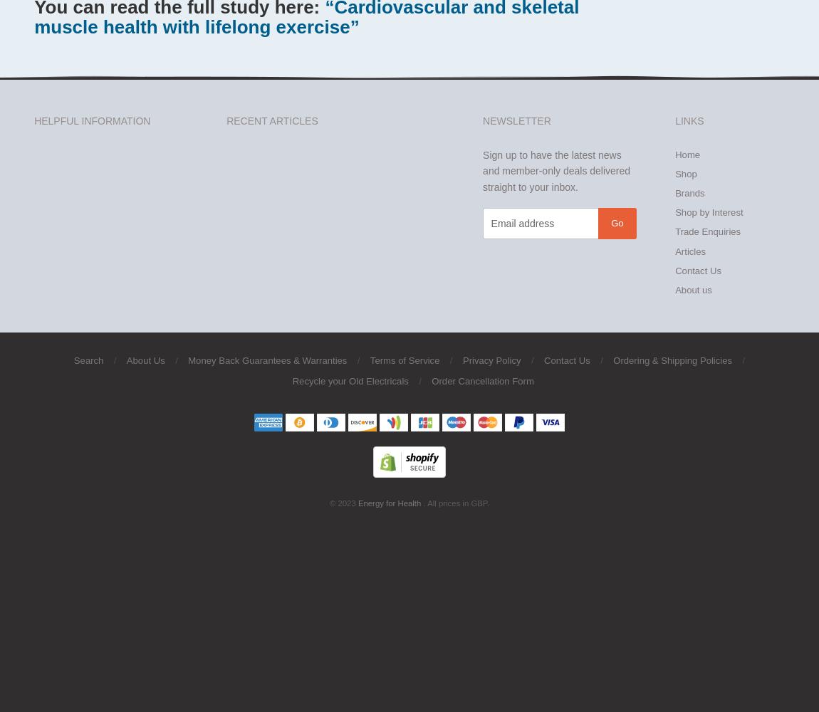 Image resolution: width=819 pixels, height=712 pixels. Describe the element at coordinates (482, 120) in the screenshot. I see `'Newsletter'` at that location.